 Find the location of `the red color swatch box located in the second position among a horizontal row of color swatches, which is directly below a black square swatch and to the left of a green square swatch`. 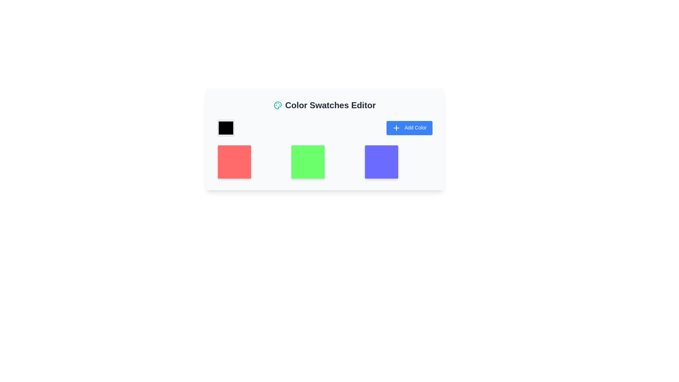

the red color swatch box located in the second position among a horizontal row of color swatches, which is directly below a black square swatch and to the left of a green square swatch is located at coordinates (234, 162).